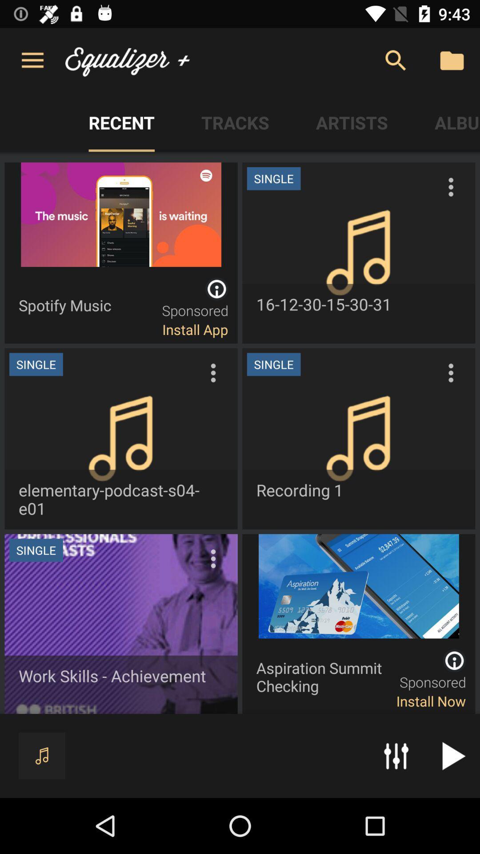 This screenshot has width=480, height=854. Describe the element at coordinates (396, 60) in the screenshot. I see `tap on the search icon at the top right corner` at that location.